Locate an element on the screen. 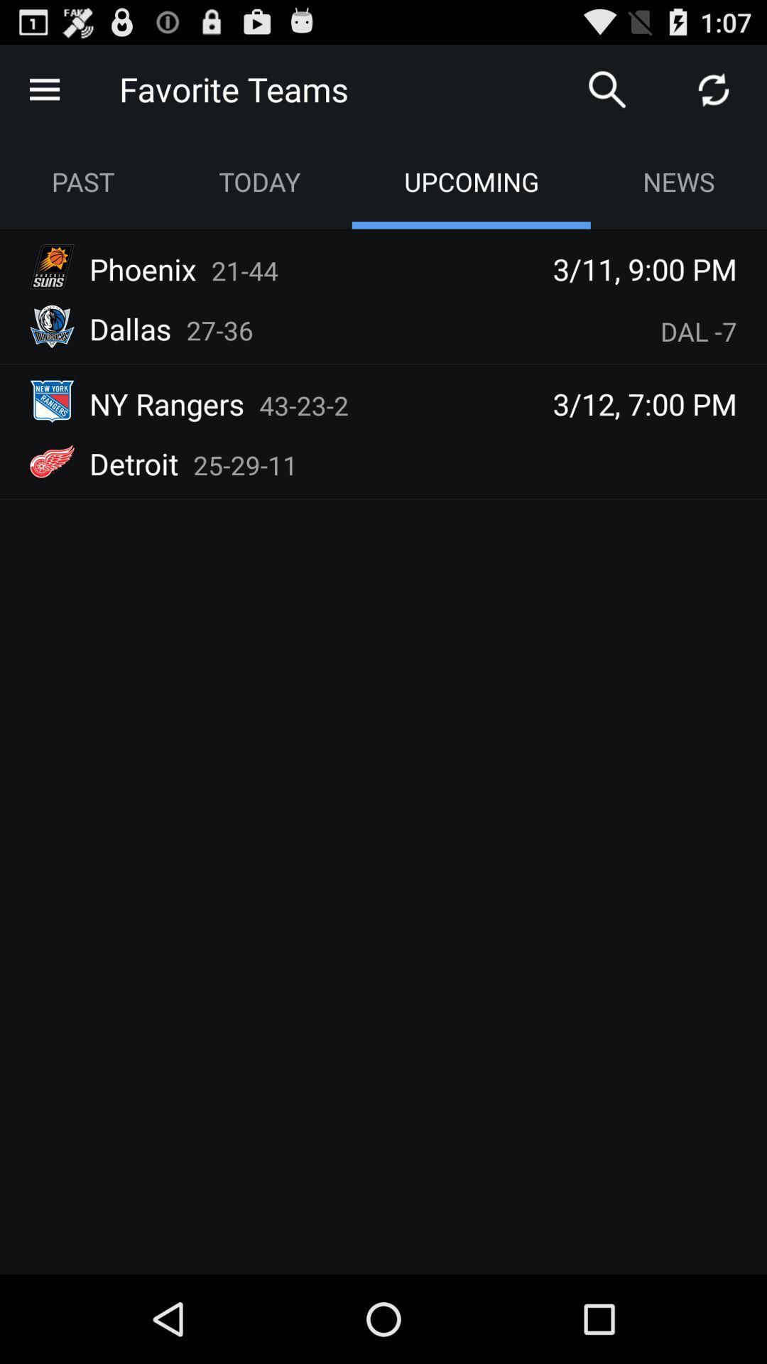  search is located at coordinates (607, 88).